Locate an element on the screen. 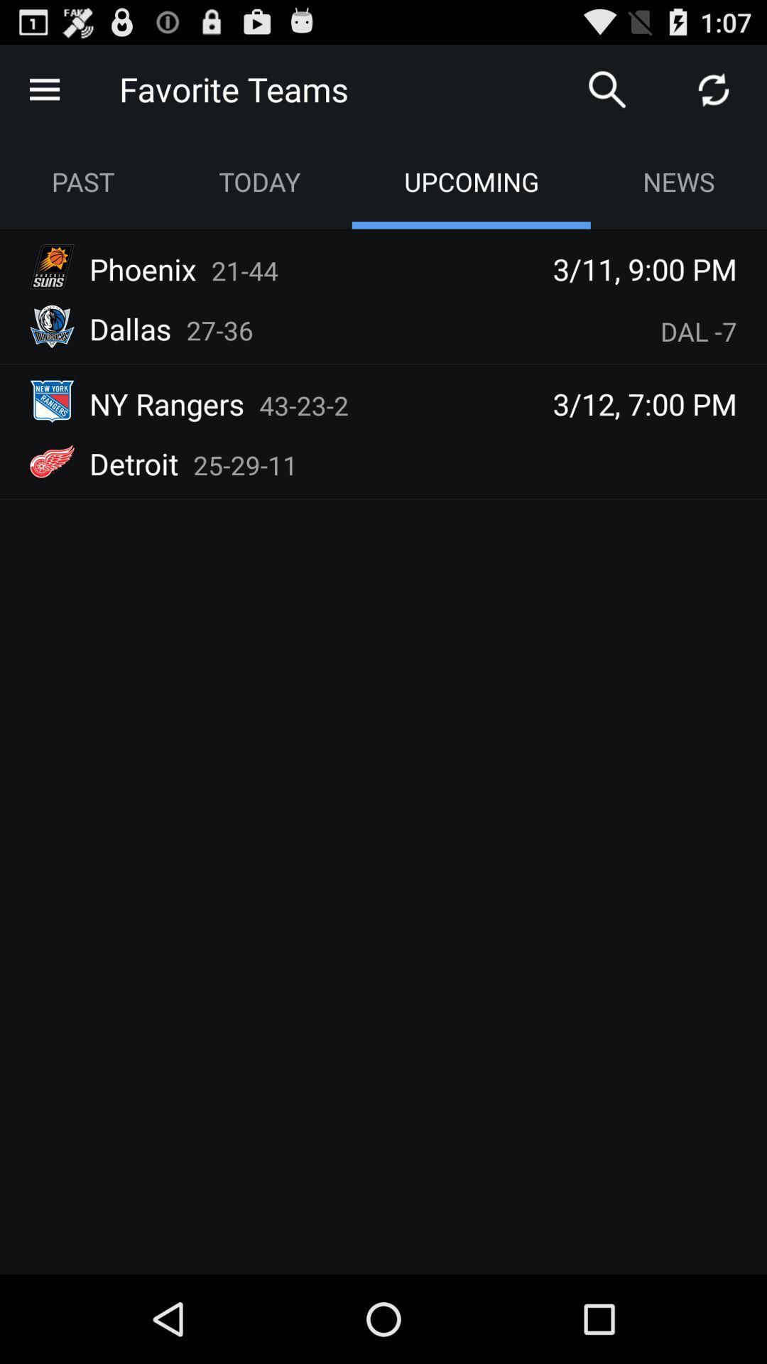  search is located at coordinates (607, 88).